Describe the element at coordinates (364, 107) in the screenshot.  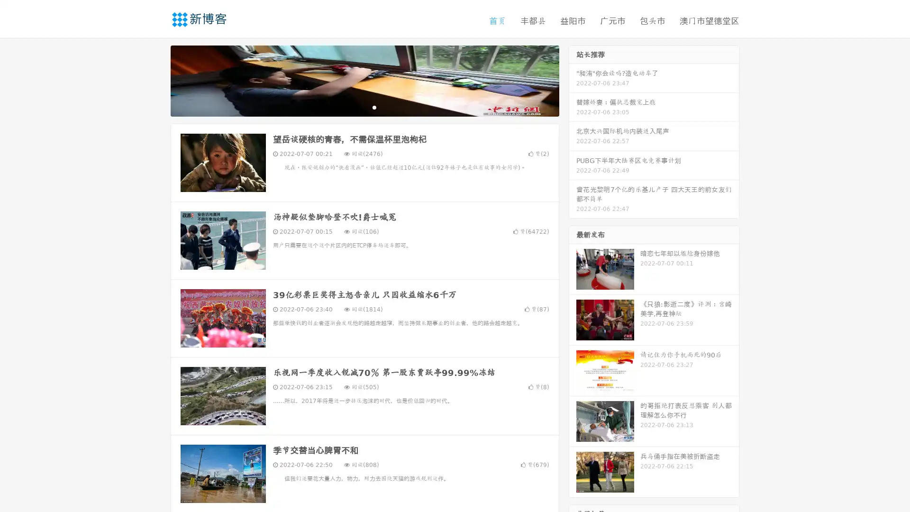
I see `Go to slide 2` at that location.